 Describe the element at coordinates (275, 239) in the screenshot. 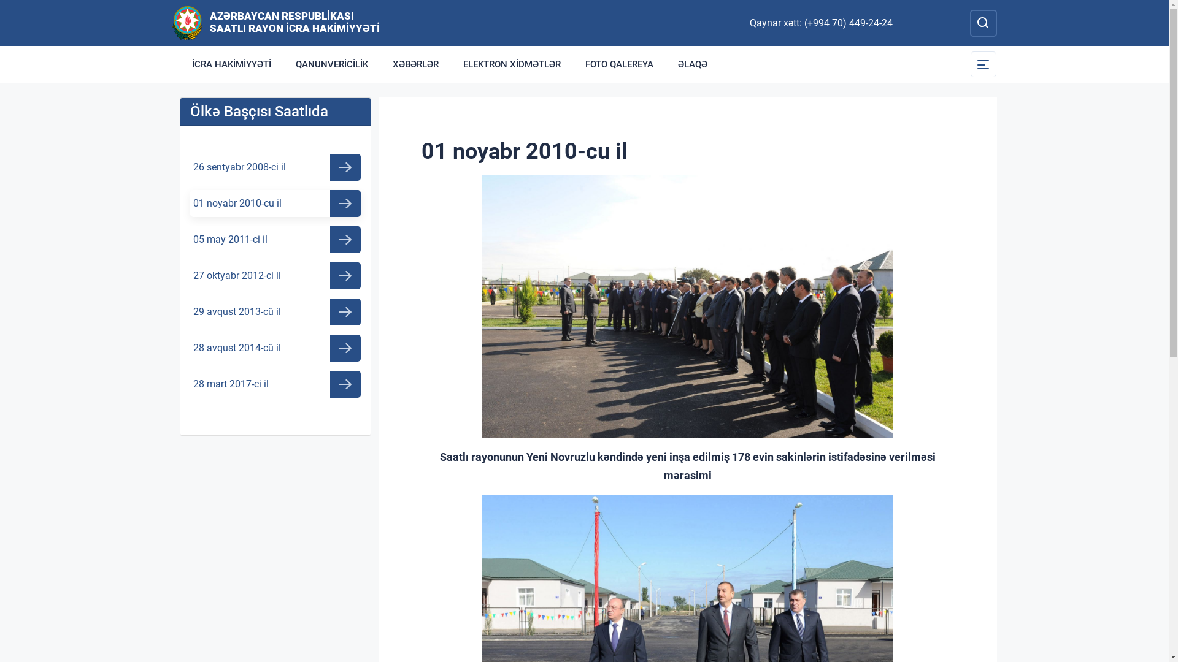

I see `'05 may 2011-ci il'` at that location.